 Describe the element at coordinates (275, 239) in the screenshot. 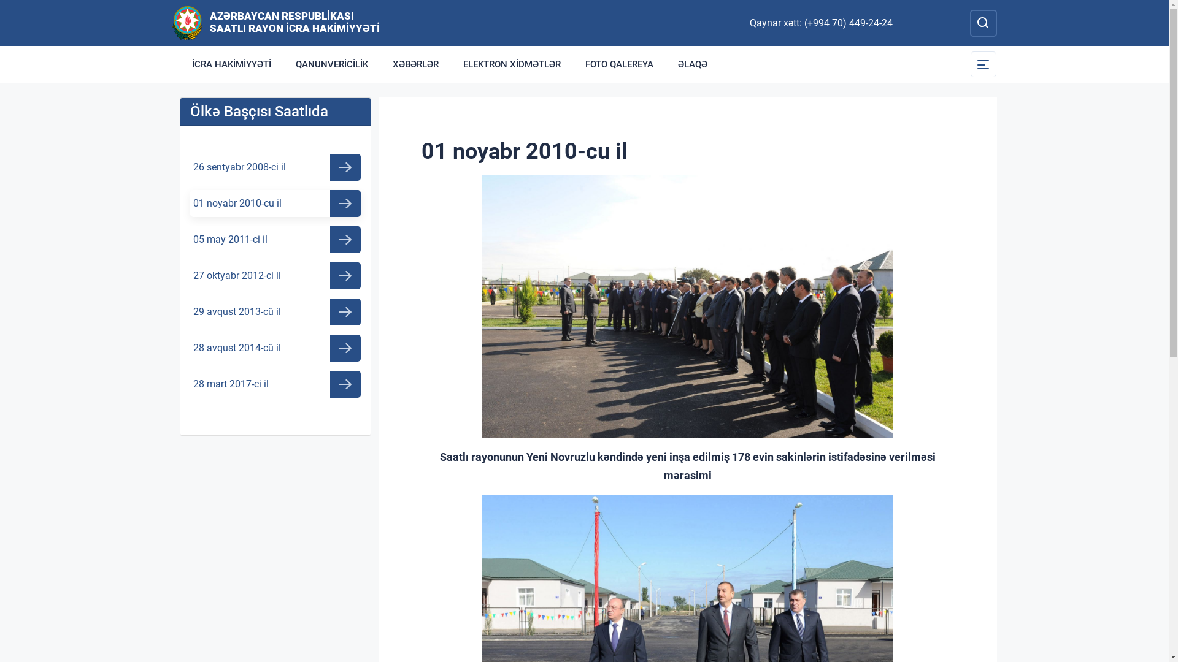

I see `'05 may 2011-ci il'` at that location.